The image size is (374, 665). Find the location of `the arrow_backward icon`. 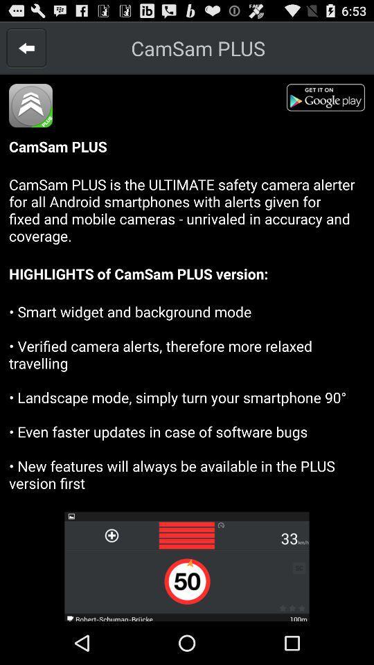

the arrow_backward icon is located at coordinates (26, 51).